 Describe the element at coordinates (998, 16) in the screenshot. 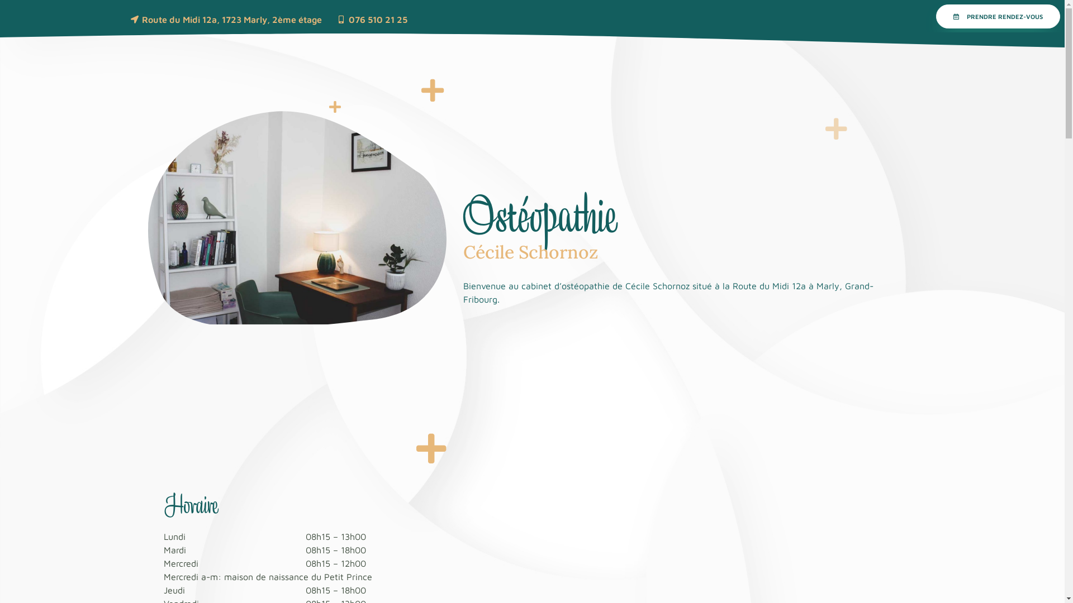

I see `'PRENDRE RENDEZ-VOUS'` at that location.